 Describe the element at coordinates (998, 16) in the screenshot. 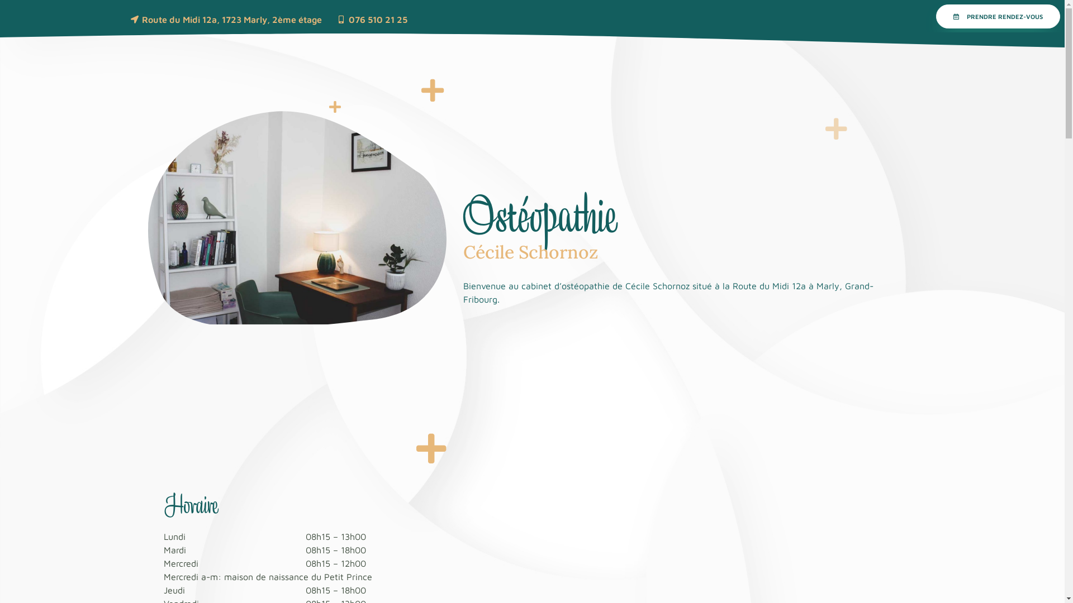

I see `'PRENDRE RENDEZ-VOUS'` at that location.